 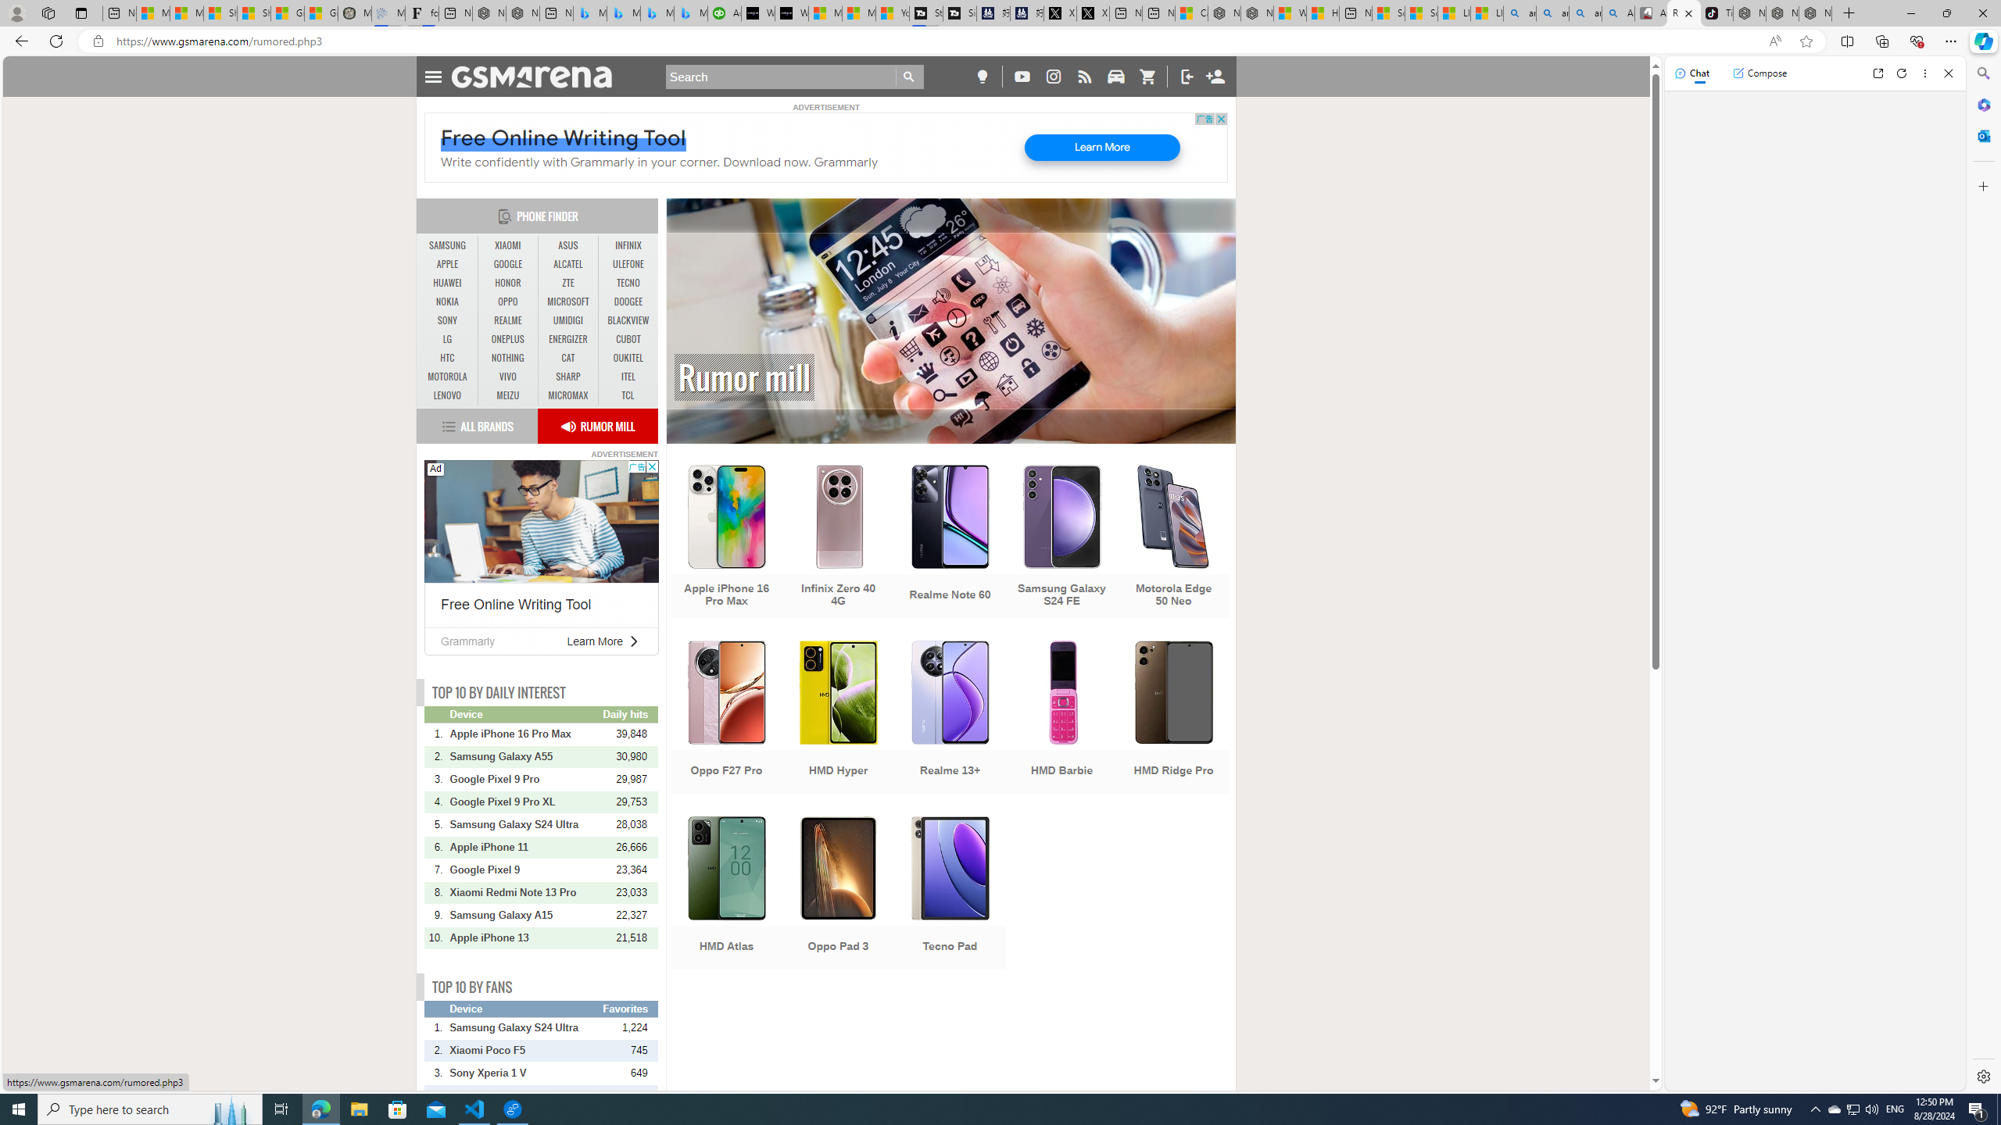 What do you see at coordinates (567, 263) in the screenshot?
I see `'ALCATEL'` at bounding box center [567, 263].